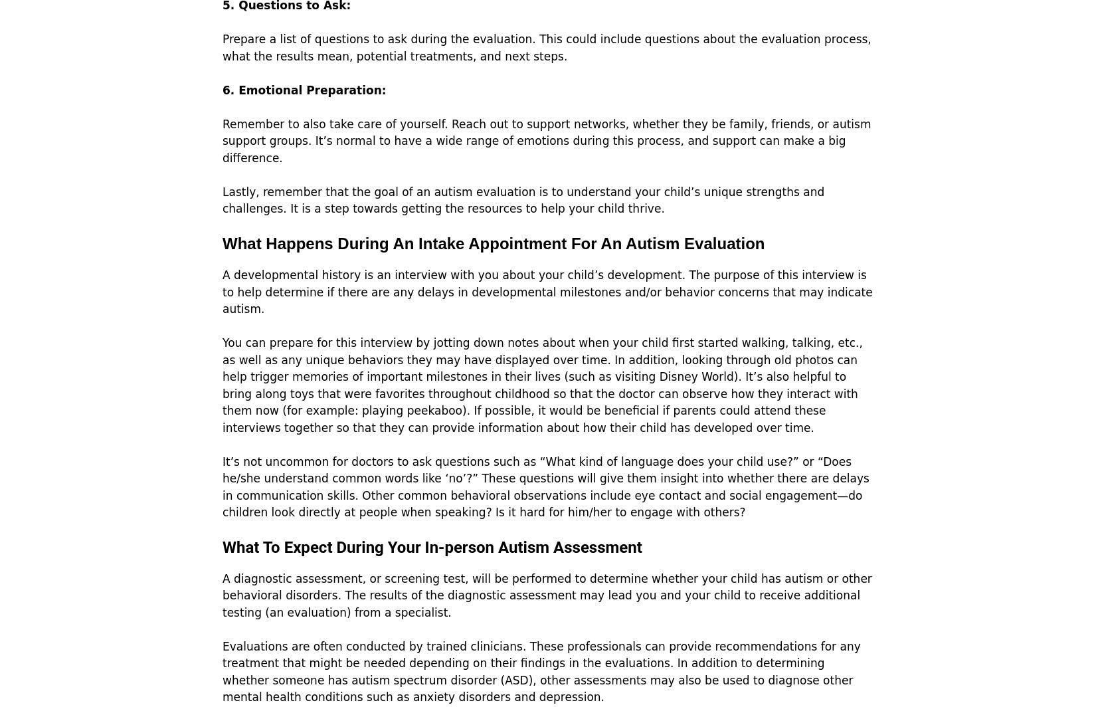 The image size is (1096, 715). Describe the element at coordinates (541, 384) in the screenshot. I see `'You can prepare for this interview by jotting down notes about when your child first started walking, talking, etc., as well as any unique behaviors they may have displayed over time. In addition, looking through old photos can help trigger memories of important milestones in their lives (such as visiting Disney World). It’s also helpful to bring along toys that were favorites throughout childhood so that the doctor can observe how they interact with them now (for example: playing peekaboo). If possible, it would be beneficial if parents could attend these interviews together so that they can provide information about how their child has developed over time.'` at that location.